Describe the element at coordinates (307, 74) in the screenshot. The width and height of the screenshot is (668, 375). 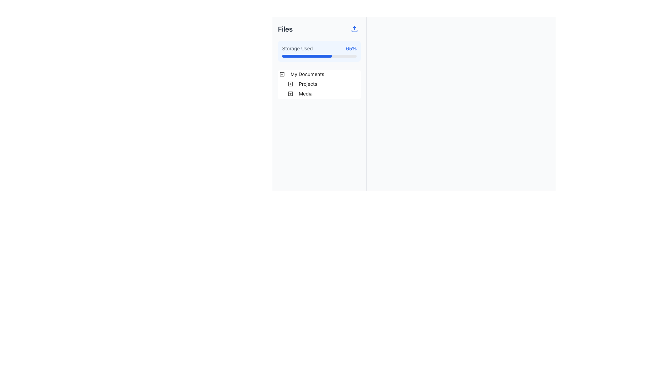
I see `on the 'My Documents' text label within the collapsible folder item` at that location.